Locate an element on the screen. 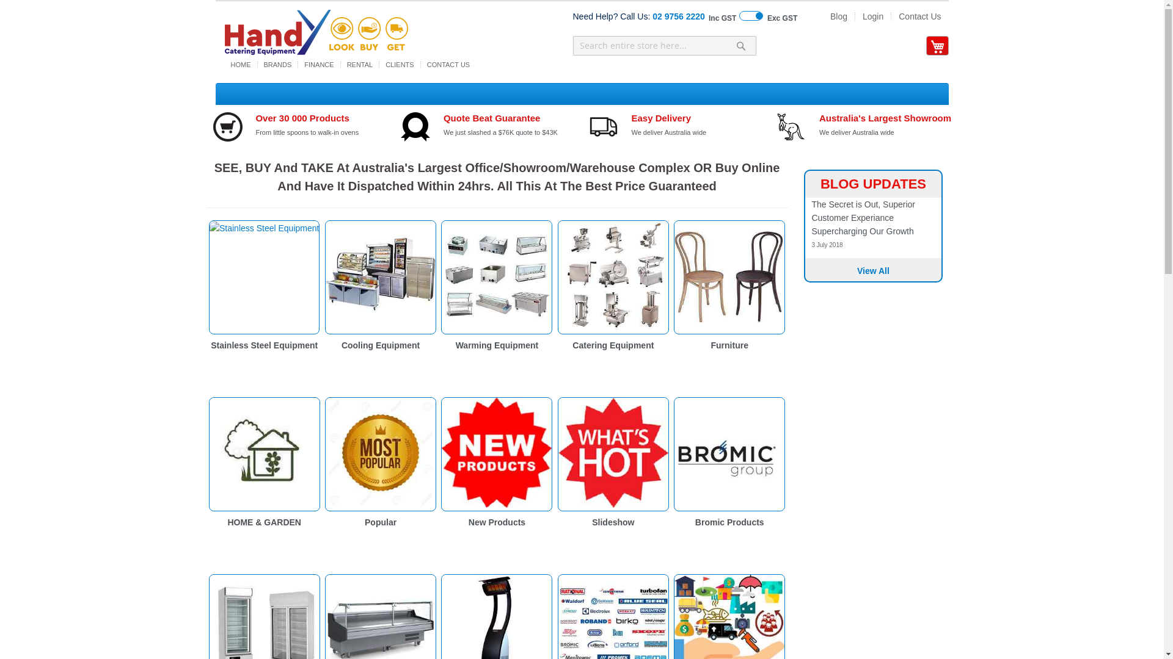 Image resolution: width=1173 pixels, height=659 pixels. 'View All' is located at coordinates (872, 270).